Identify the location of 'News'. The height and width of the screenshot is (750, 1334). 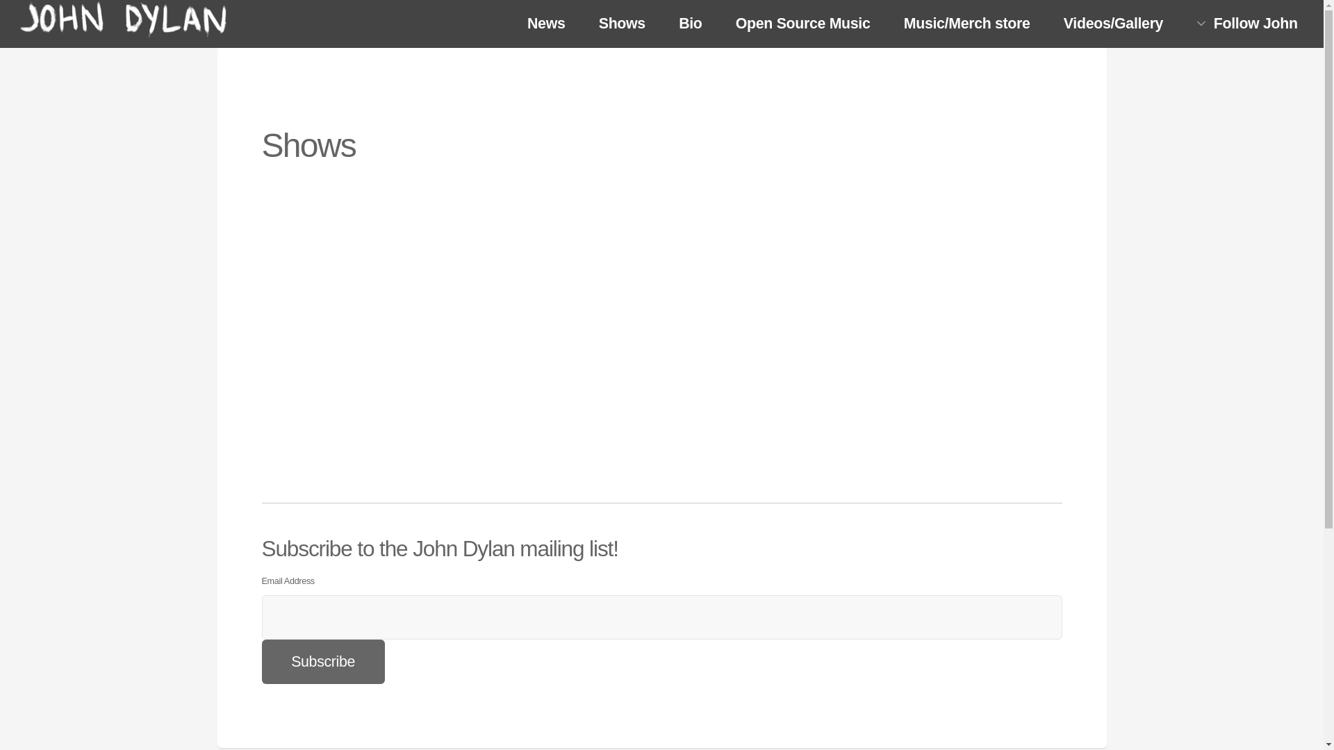
(545, 24).